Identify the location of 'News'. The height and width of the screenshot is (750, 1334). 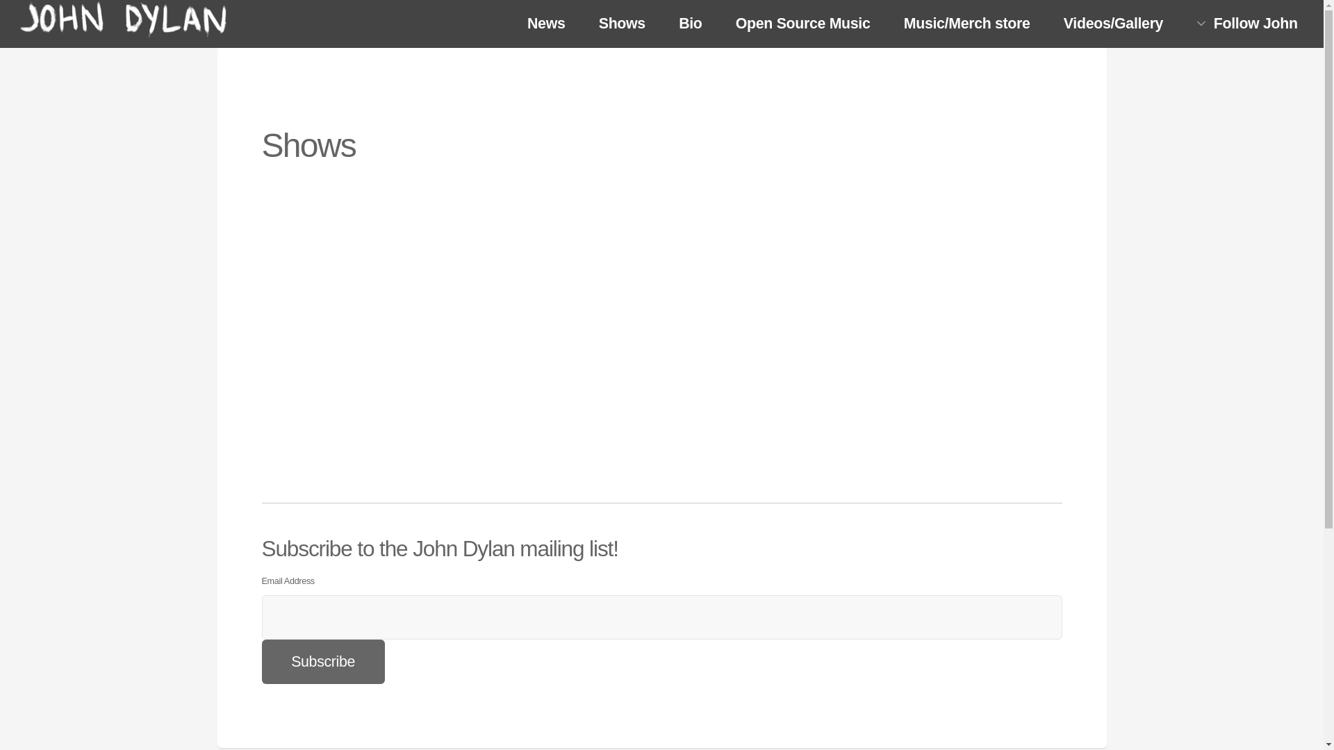
(545, 24).